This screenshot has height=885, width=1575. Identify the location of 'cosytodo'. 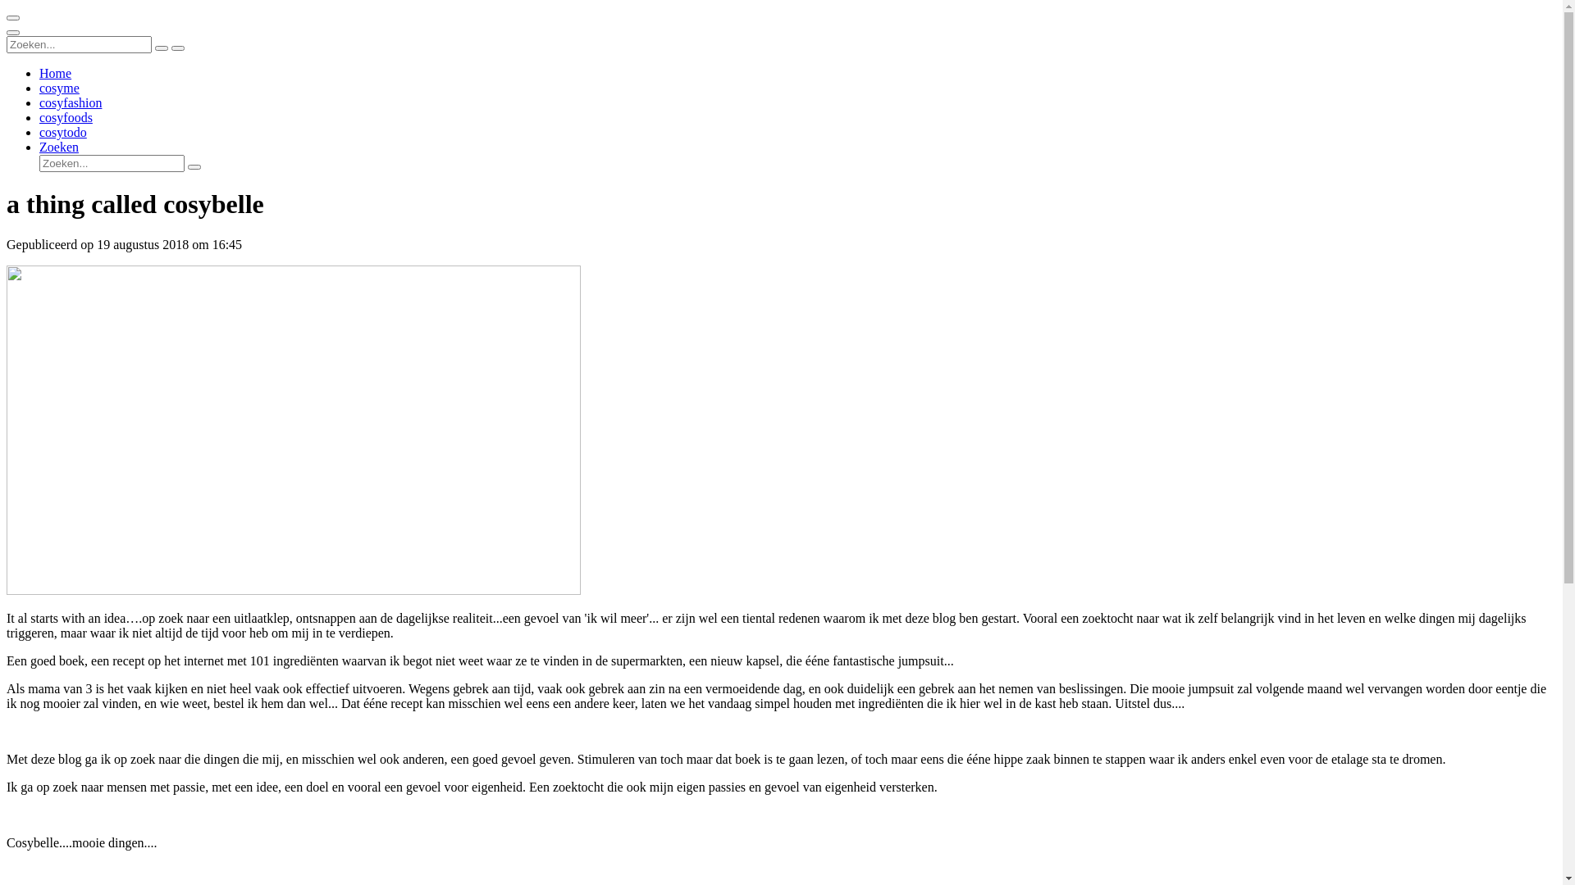
(62, 131).